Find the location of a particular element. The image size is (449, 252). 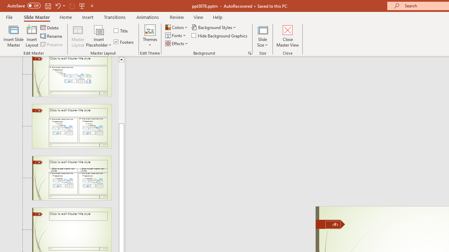

'Slide Comparison Layout: used by no slides' is located at coordinates (72, 177).